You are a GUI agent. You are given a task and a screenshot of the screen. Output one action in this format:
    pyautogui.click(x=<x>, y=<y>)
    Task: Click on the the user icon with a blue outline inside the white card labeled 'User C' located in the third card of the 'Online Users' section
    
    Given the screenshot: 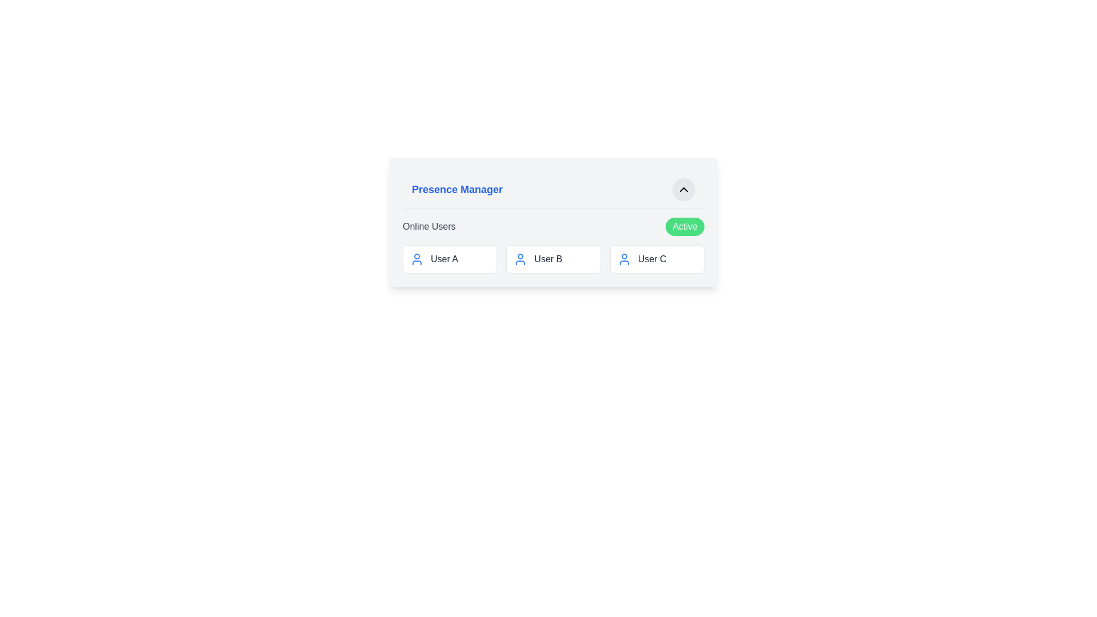 What is the action you would take?
    pyautogui.click(x=623, y=259)
    